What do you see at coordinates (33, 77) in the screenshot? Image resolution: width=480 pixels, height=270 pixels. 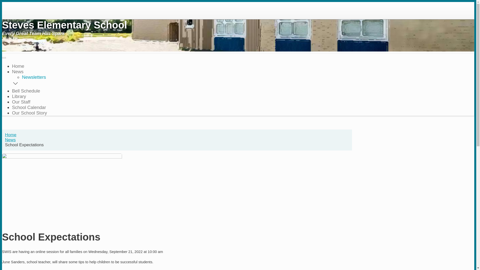 I see `'Newsletters'` at bounding box center [33, 77].